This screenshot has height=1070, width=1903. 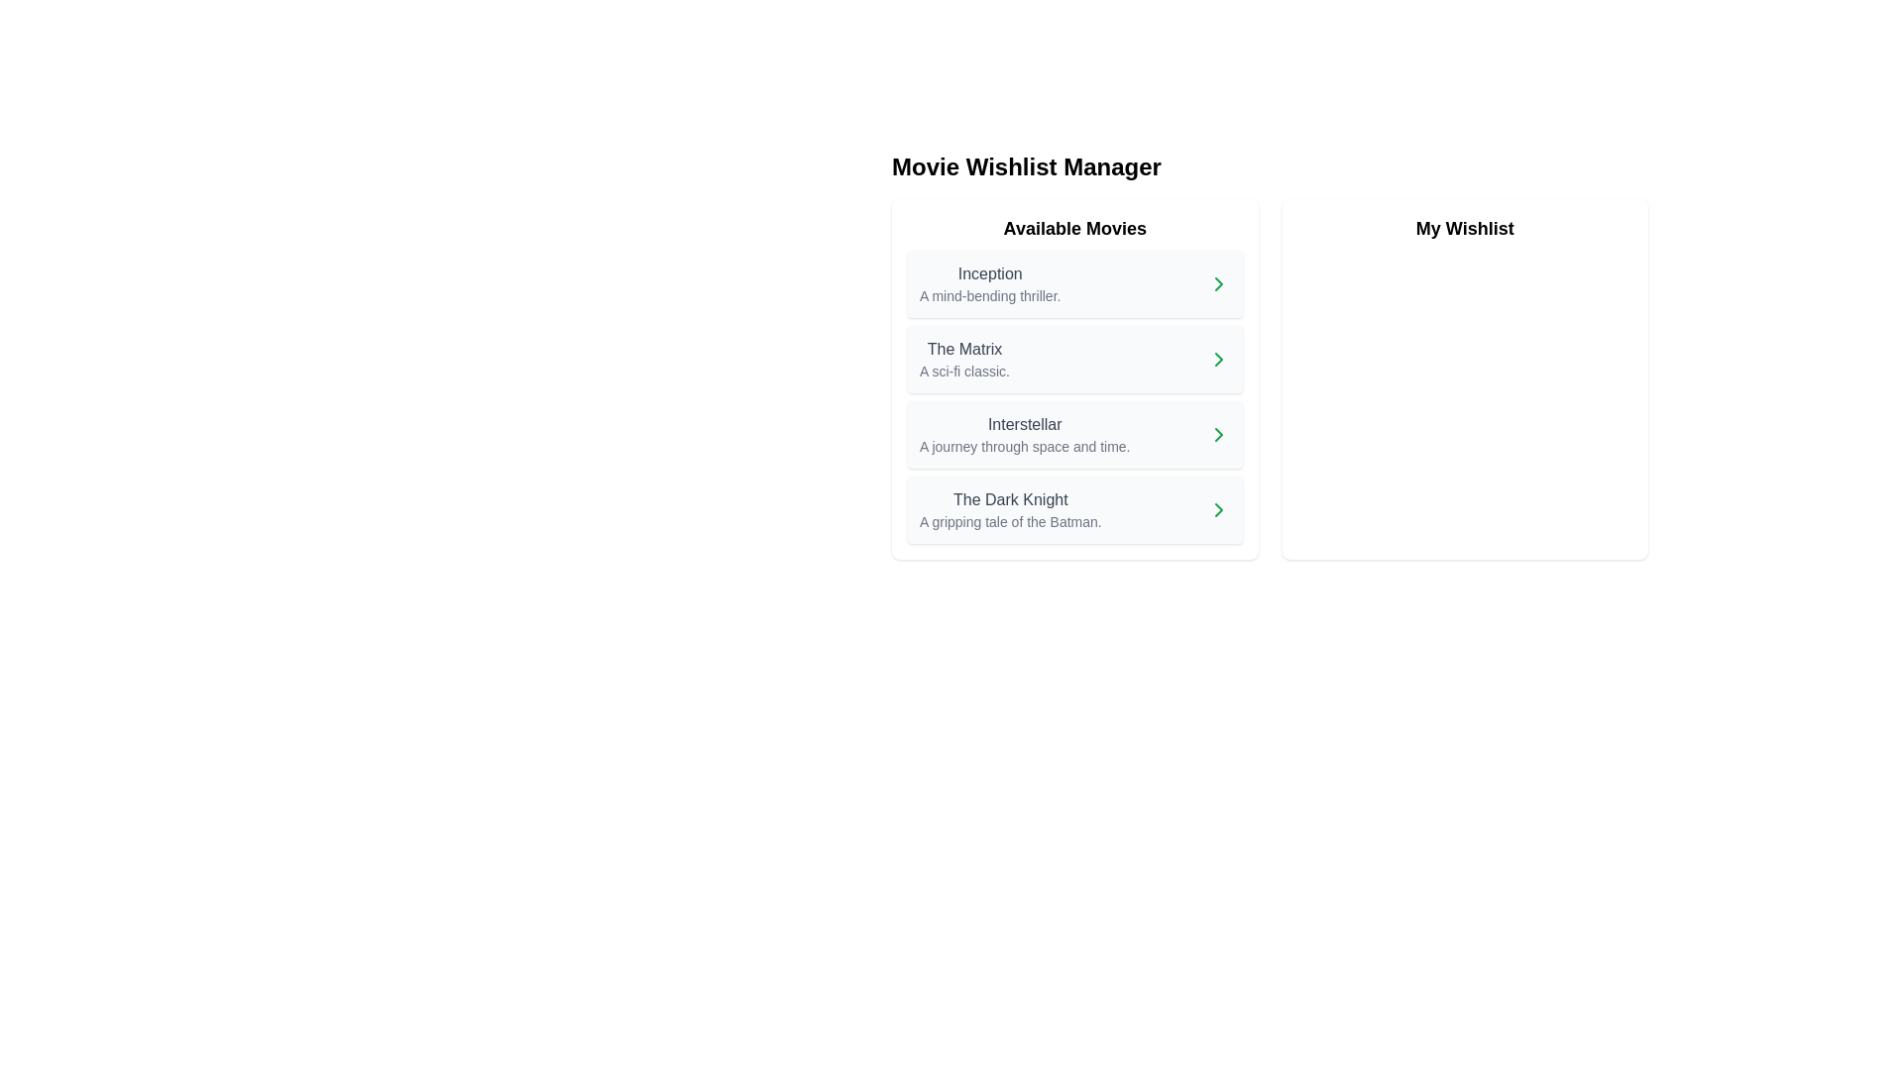 What do you see at coordinates (1217, 509) in the screenshot?
I see `the button indicating navigation or selection for 'The Dark Knight'` at bounding box center [1217, 509].